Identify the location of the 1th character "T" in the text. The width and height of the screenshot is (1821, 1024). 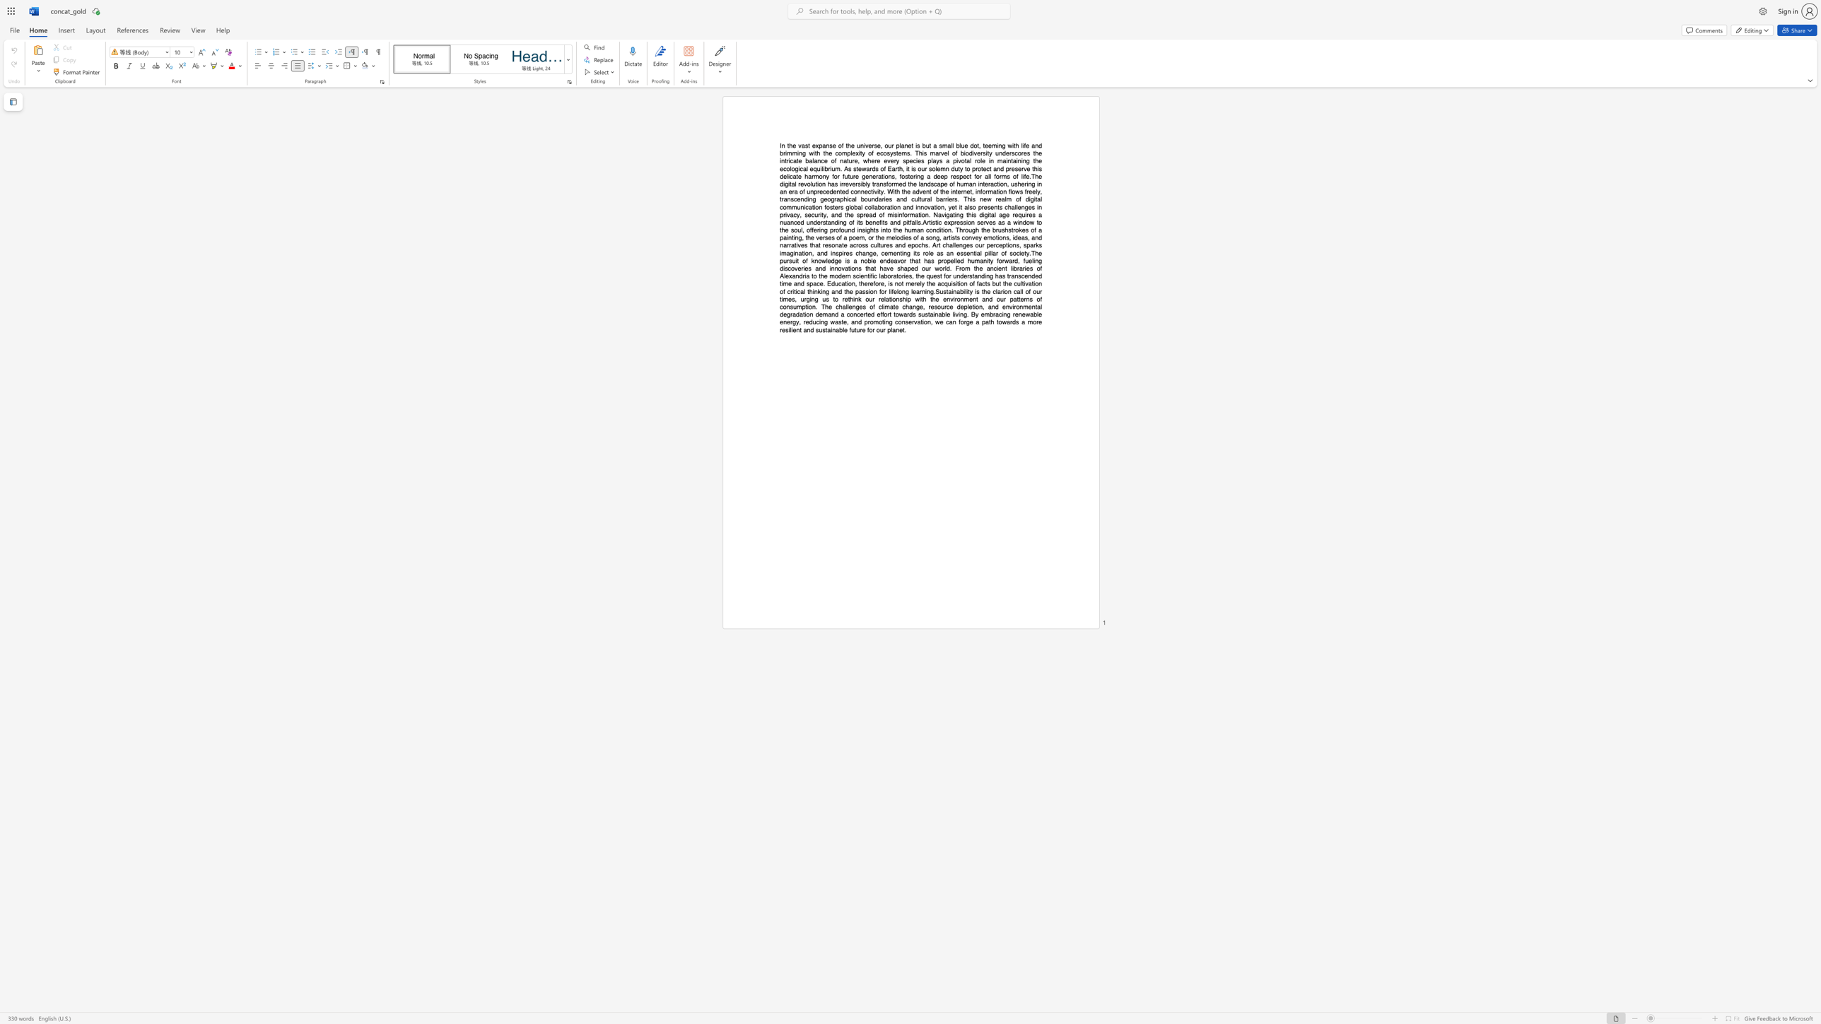
(1032, 253).